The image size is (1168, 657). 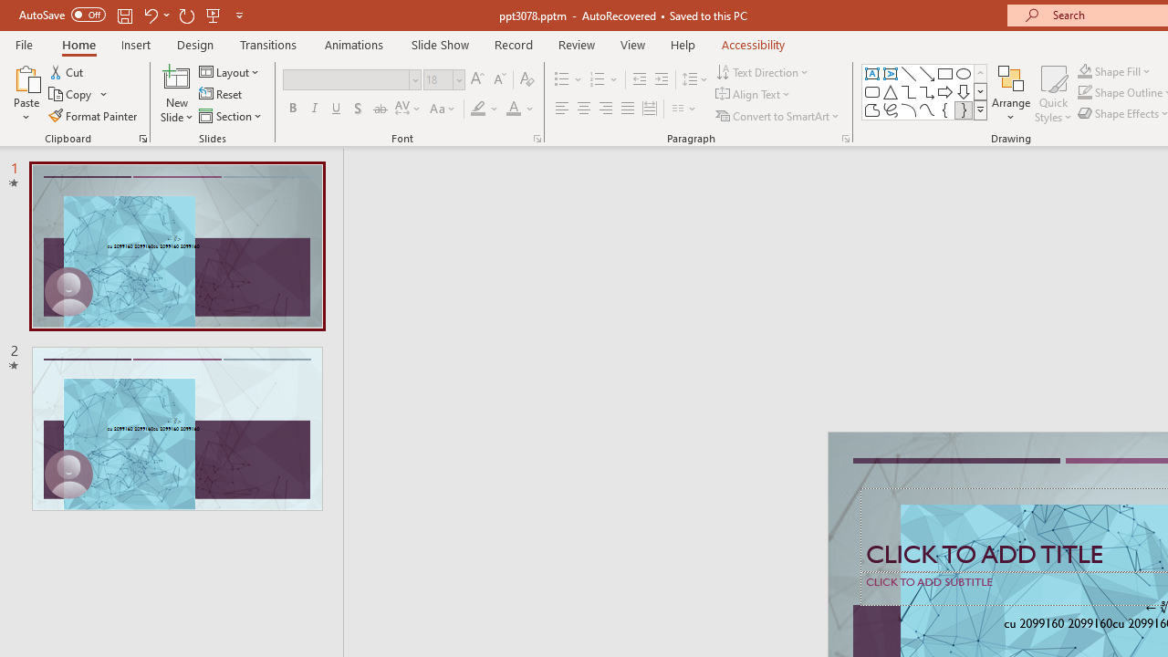 I want to click on 'Increase Indent', so click(x=661, y=78).